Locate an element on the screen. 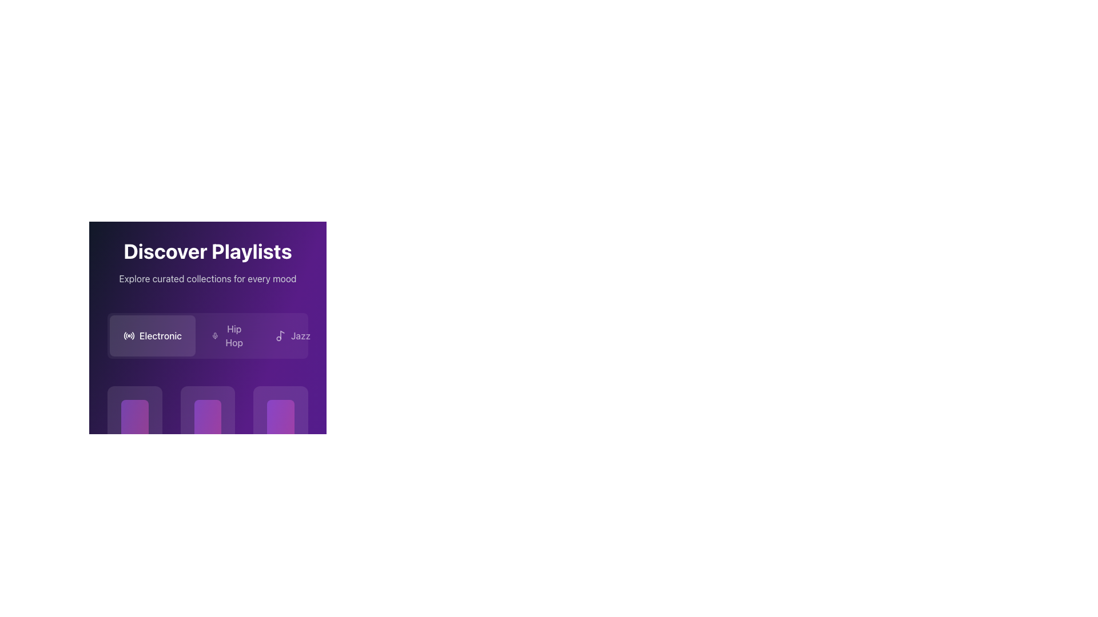  the 'Electronic' category icon located within the category button labeled 'Electronic', which is the first button in the horizontal list below the heading 'Discover Playlists' is located at coordinates (129, 335).